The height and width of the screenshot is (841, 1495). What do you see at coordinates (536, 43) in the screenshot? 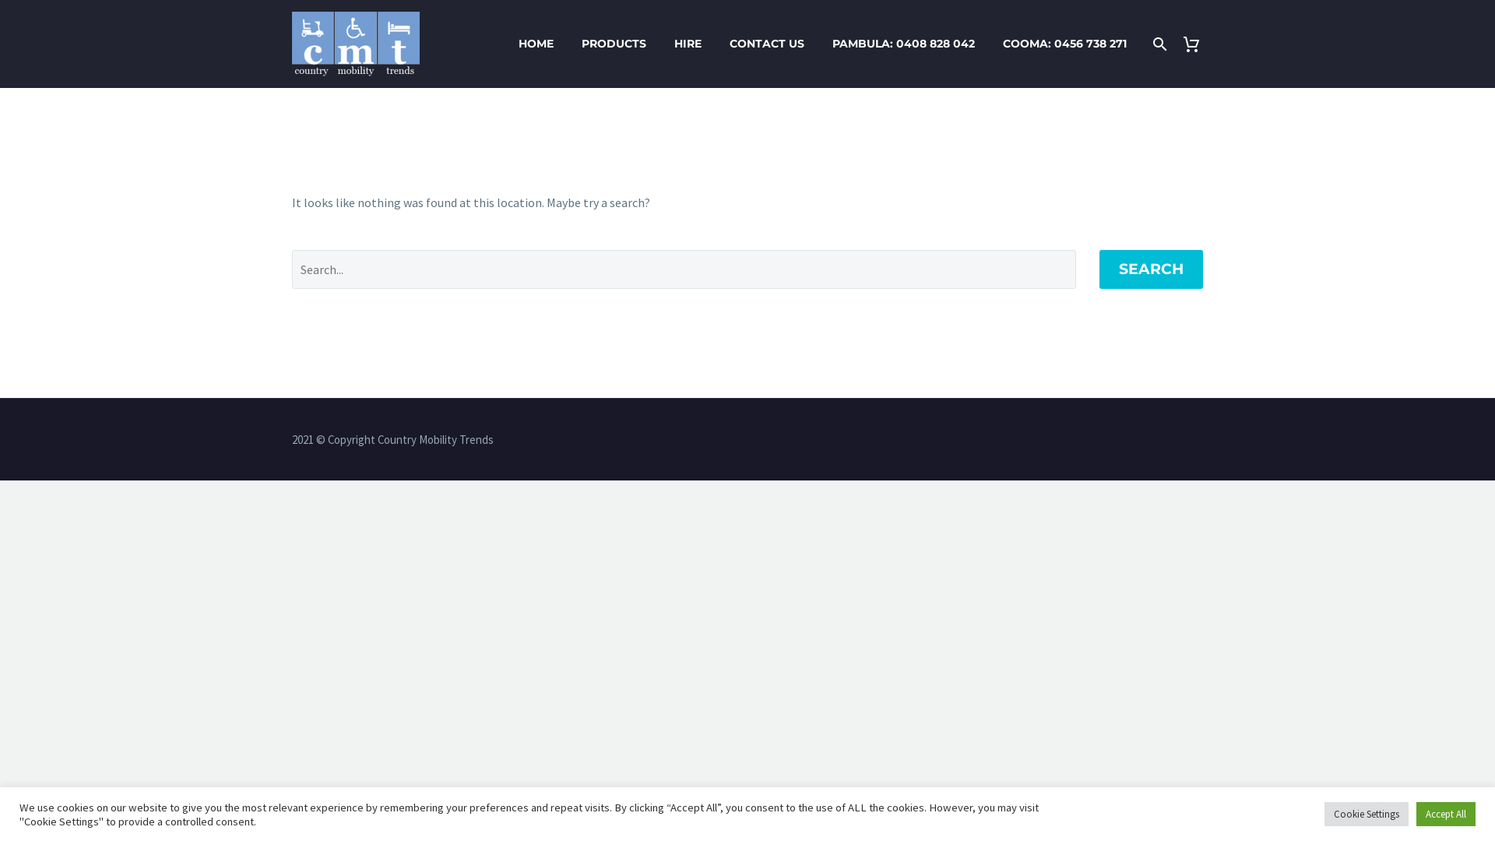
I see `'HOME'` at bounding box center [536, 43].